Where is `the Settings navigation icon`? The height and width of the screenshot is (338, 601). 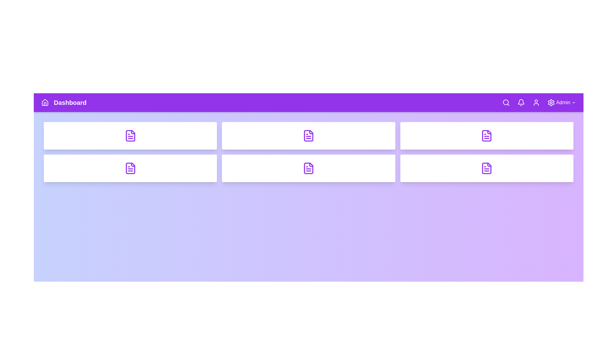
the Settings navigation icon is located at coordinates (551, 102).